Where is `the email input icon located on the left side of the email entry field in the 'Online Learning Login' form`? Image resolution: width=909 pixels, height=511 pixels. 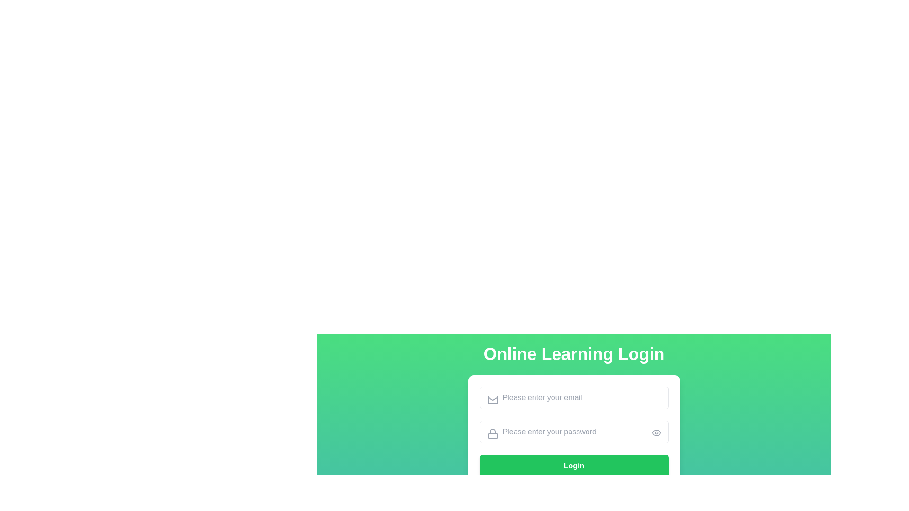
the email input icon located on the left side of the email entry field in the 'Online Learning Login' form is located at coordinates (492, 399).